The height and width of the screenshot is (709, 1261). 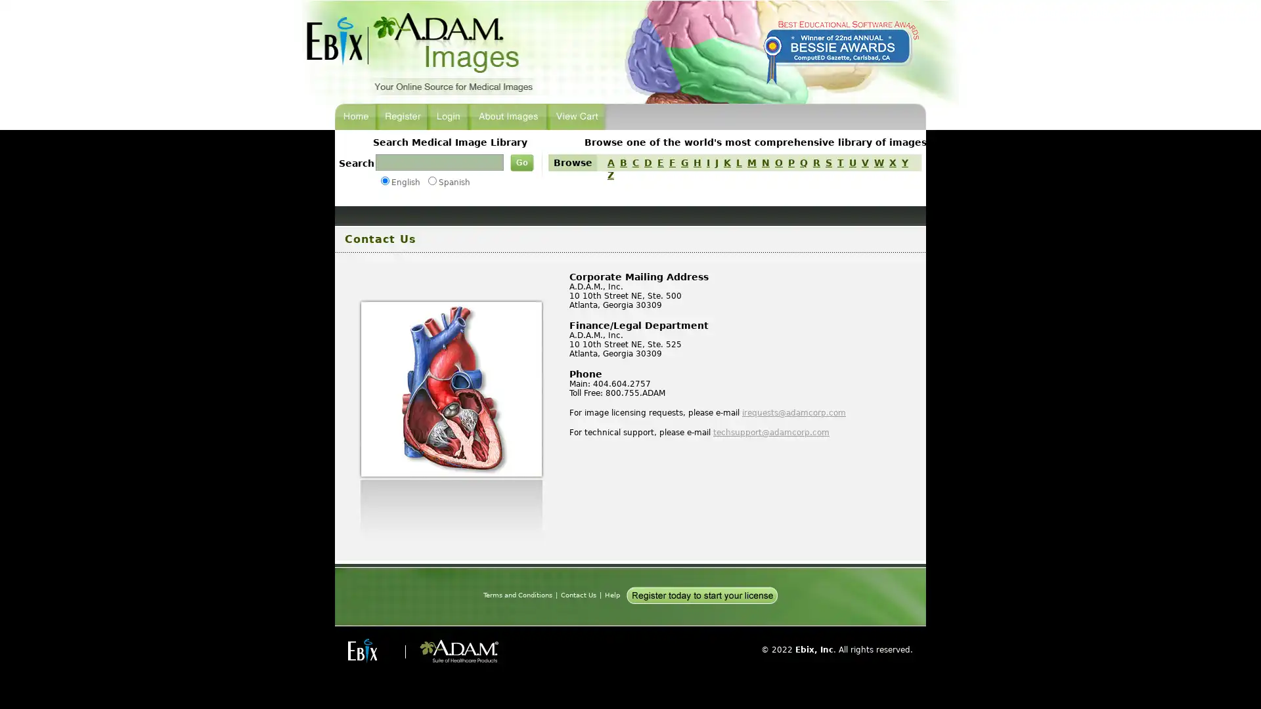 I want to click on Register today to start your license, so click(x=701, y=594).